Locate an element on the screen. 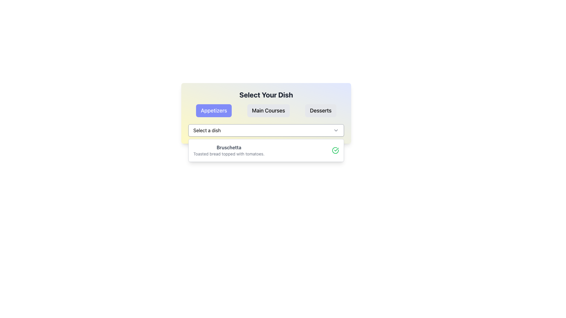 Image resolution: width=566 pixels, height=318 pixels. the 'Main Courses' button located below the title 'Select Your Dish' is located at coordinates (268, 110).